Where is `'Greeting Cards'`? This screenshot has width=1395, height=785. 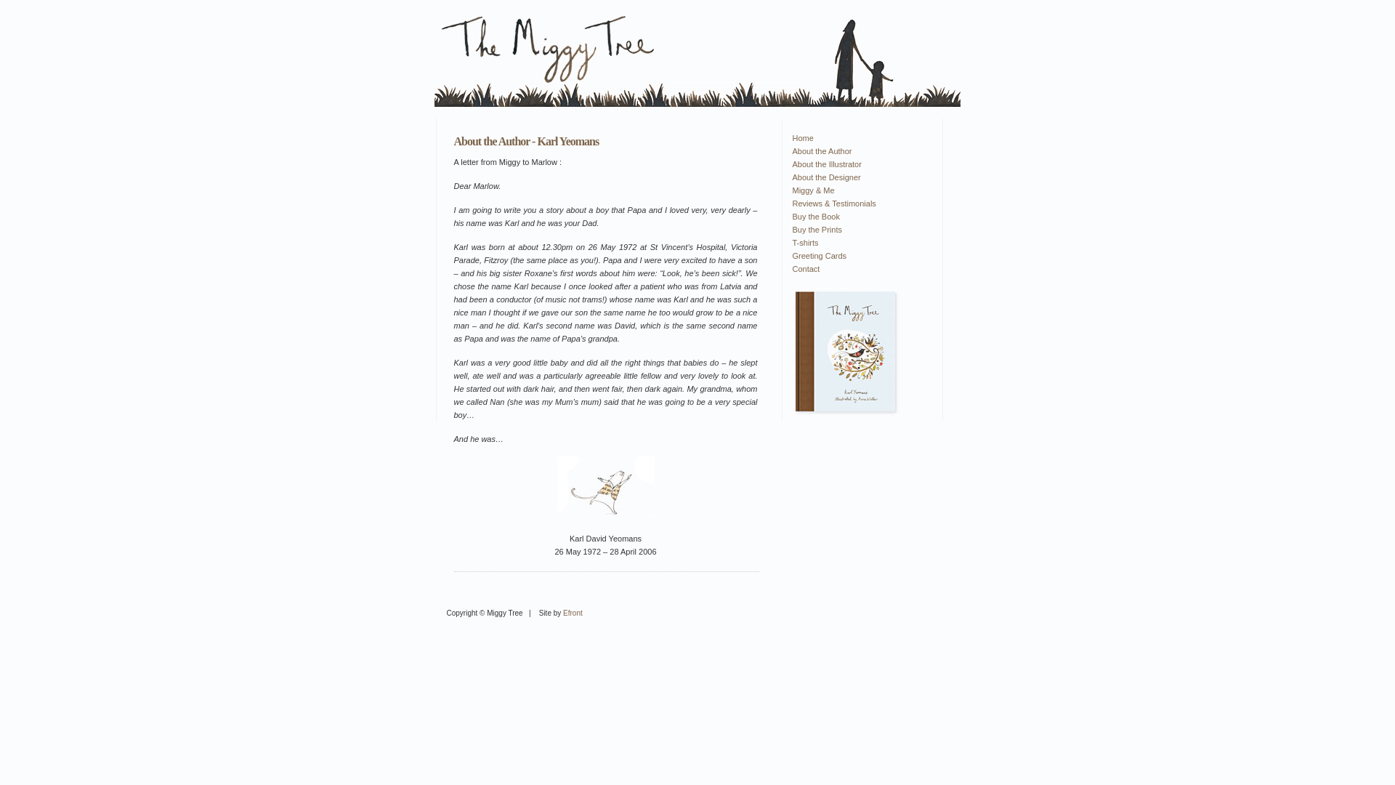 'Greeting Cards' is located at coordinates (857, 254).